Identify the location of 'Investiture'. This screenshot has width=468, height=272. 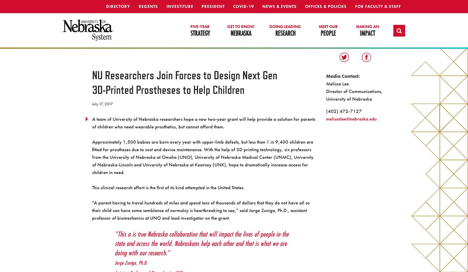
(179, 6).